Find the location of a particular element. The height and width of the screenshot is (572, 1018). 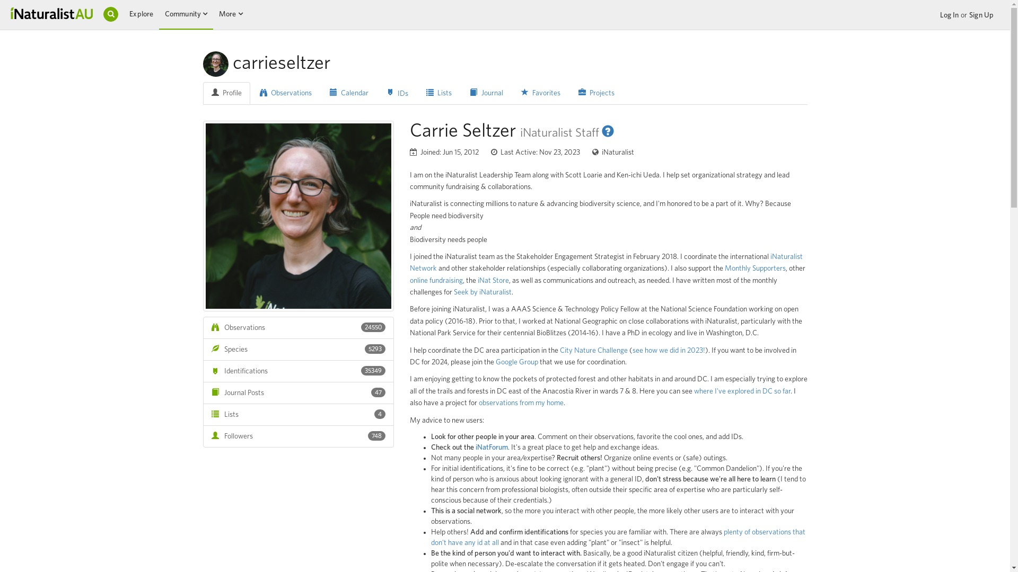

'Monthly Supporters' is located at coordinates (724, 267).